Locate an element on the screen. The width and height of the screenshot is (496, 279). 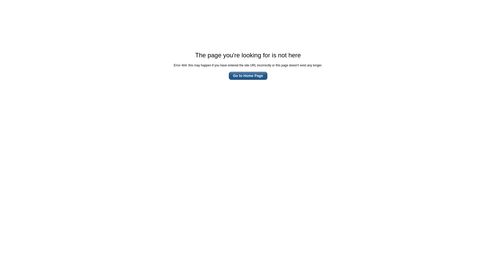
'Go to Home Page' is located at coordinates (248, 76).